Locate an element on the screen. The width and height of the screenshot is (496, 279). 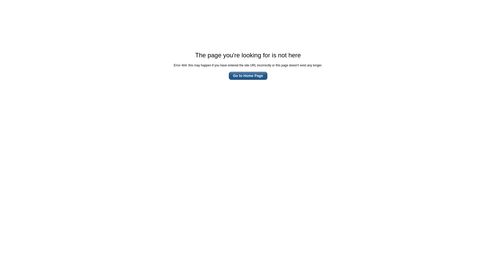
'Go to Home Page' is located at coordinates (248, 76).